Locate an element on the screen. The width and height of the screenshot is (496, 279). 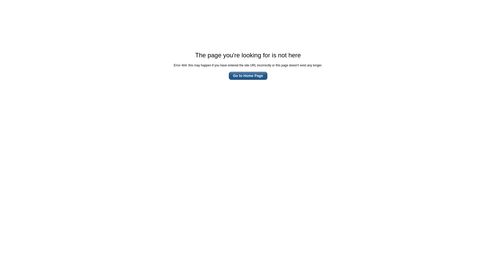
'Go to Home Page' is located at coordinates (248, 76).